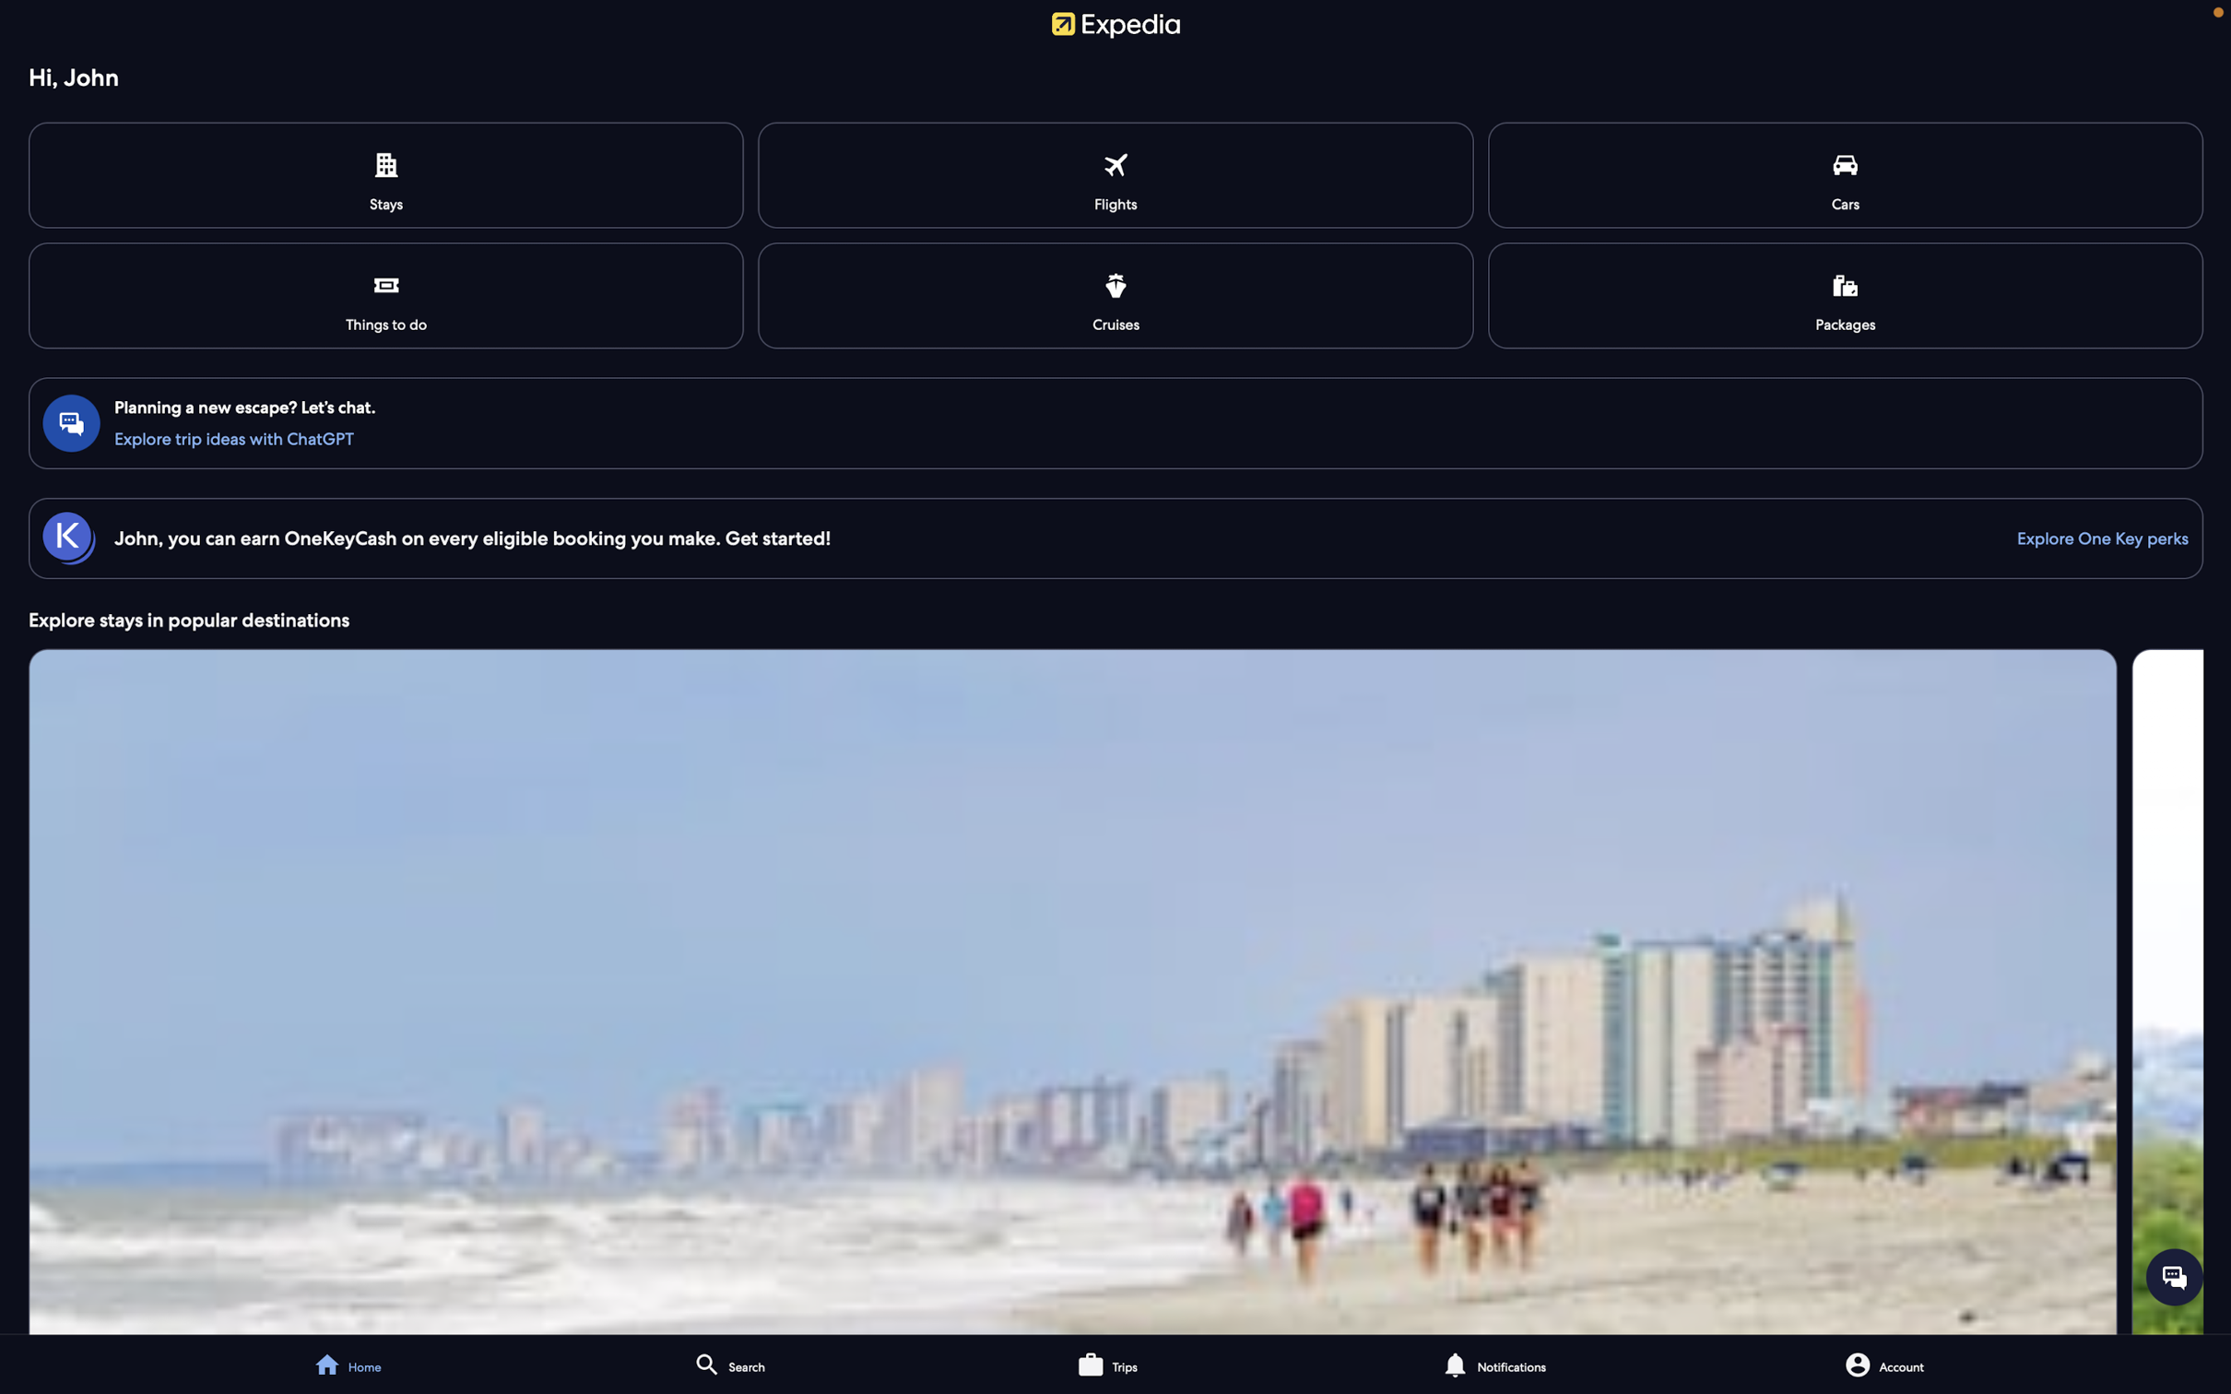 The height and width of the screenshot is (1394, 2231). What do you see at coordinates (812, 1363) in the screenshot?
I see `Search for a Paris destination` at bounding box center [812, 1363].